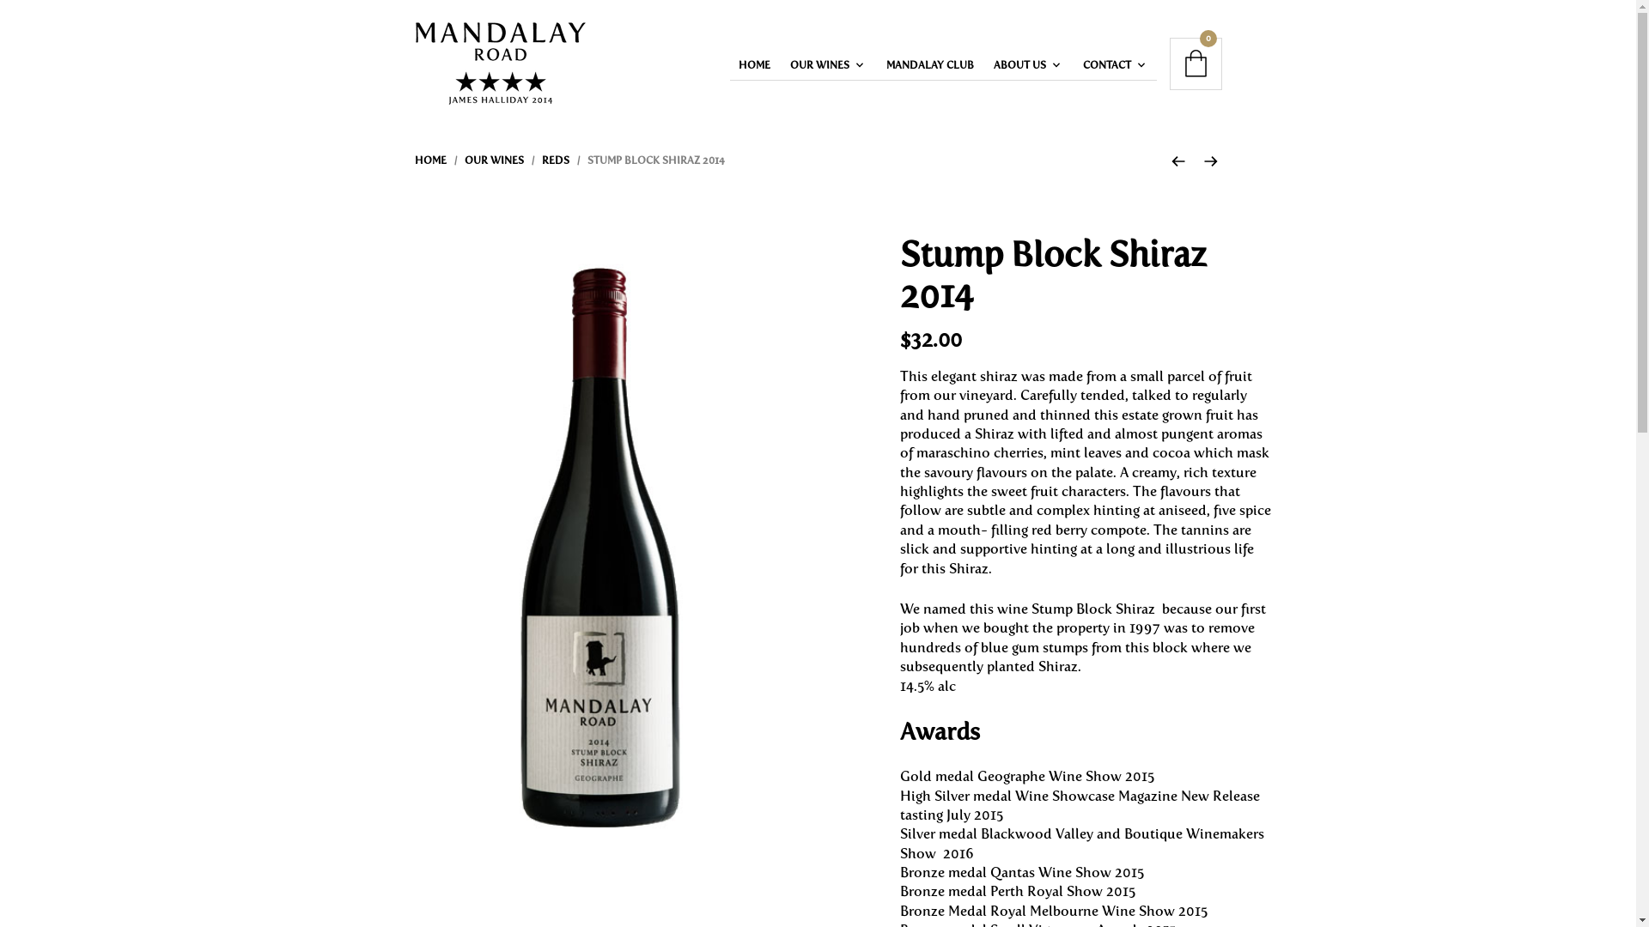 The height and width of the screenshot is (927, 1649). I want to click on 'HOME', so click(429, 160).